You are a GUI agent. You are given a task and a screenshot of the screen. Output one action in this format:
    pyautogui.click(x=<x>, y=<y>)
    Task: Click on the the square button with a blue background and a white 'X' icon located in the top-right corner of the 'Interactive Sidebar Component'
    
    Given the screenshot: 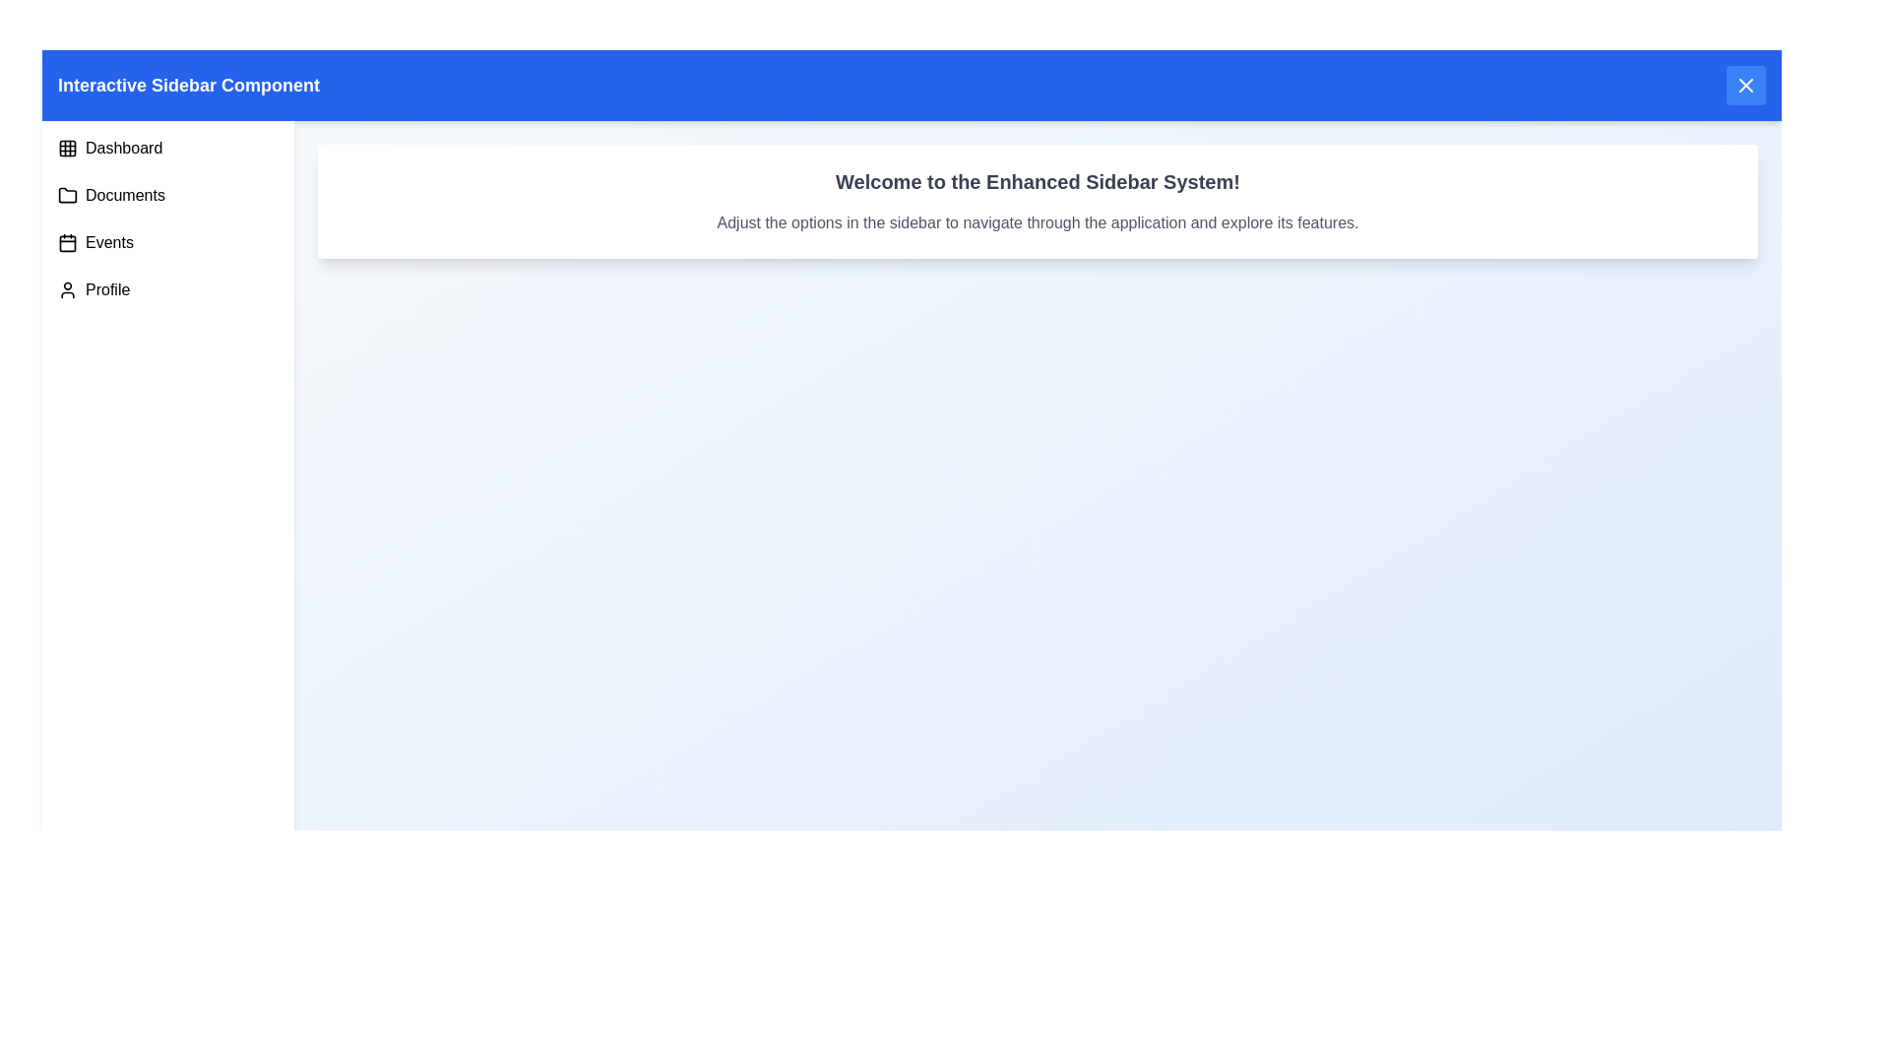 What is the action you would take?
    pyautogui.click(x=1746, y=85)
    